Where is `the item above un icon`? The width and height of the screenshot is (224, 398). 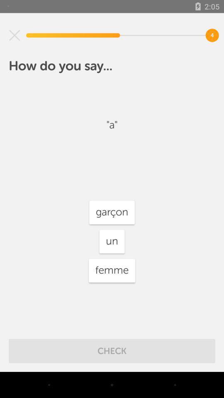 the item above un icon is located at coordinates (112, 212).